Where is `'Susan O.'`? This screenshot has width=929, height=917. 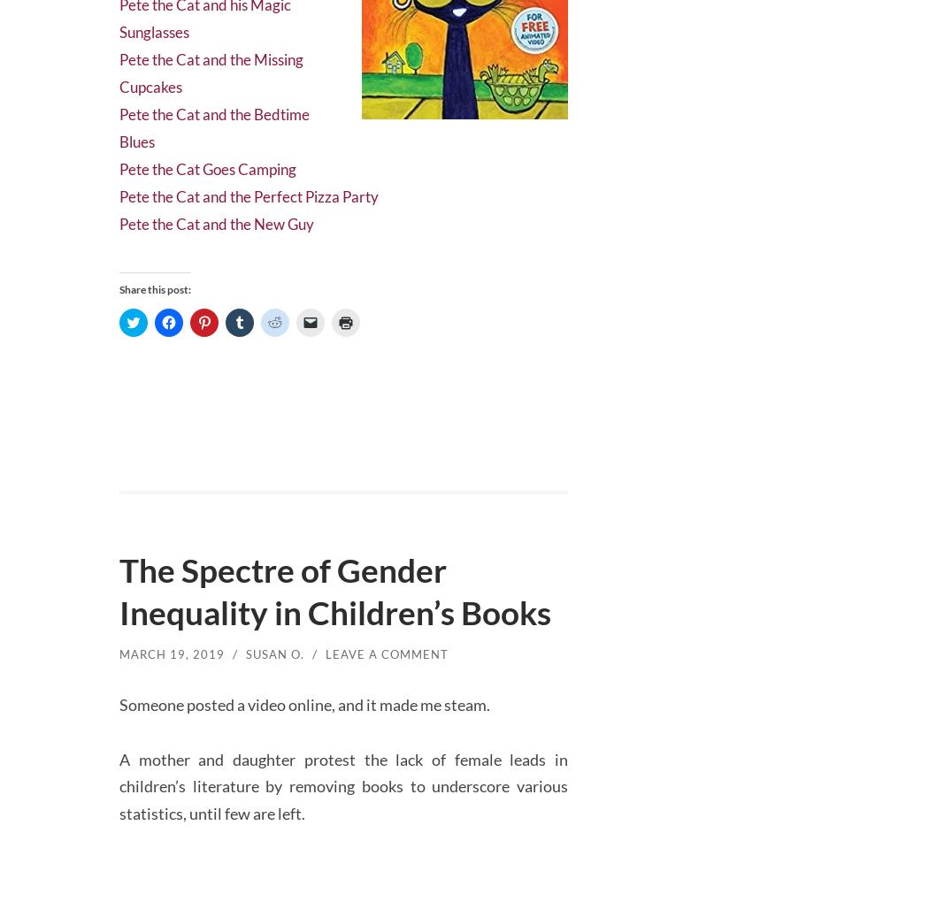
'Susan O.' is located at coordinates (281, 680).